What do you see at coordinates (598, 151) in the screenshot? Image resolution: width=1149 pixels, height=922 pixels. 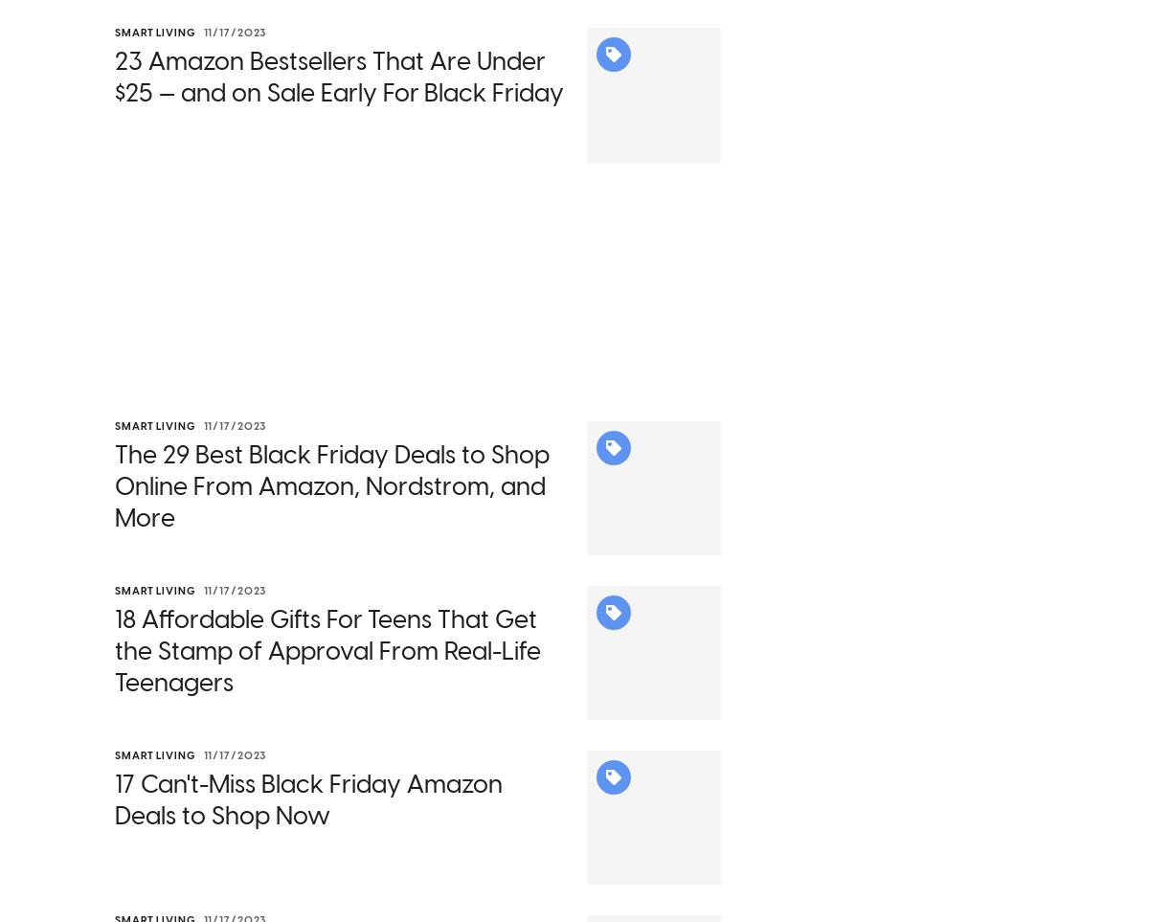 I see `'Terms'` at bounding box center [598, 151].